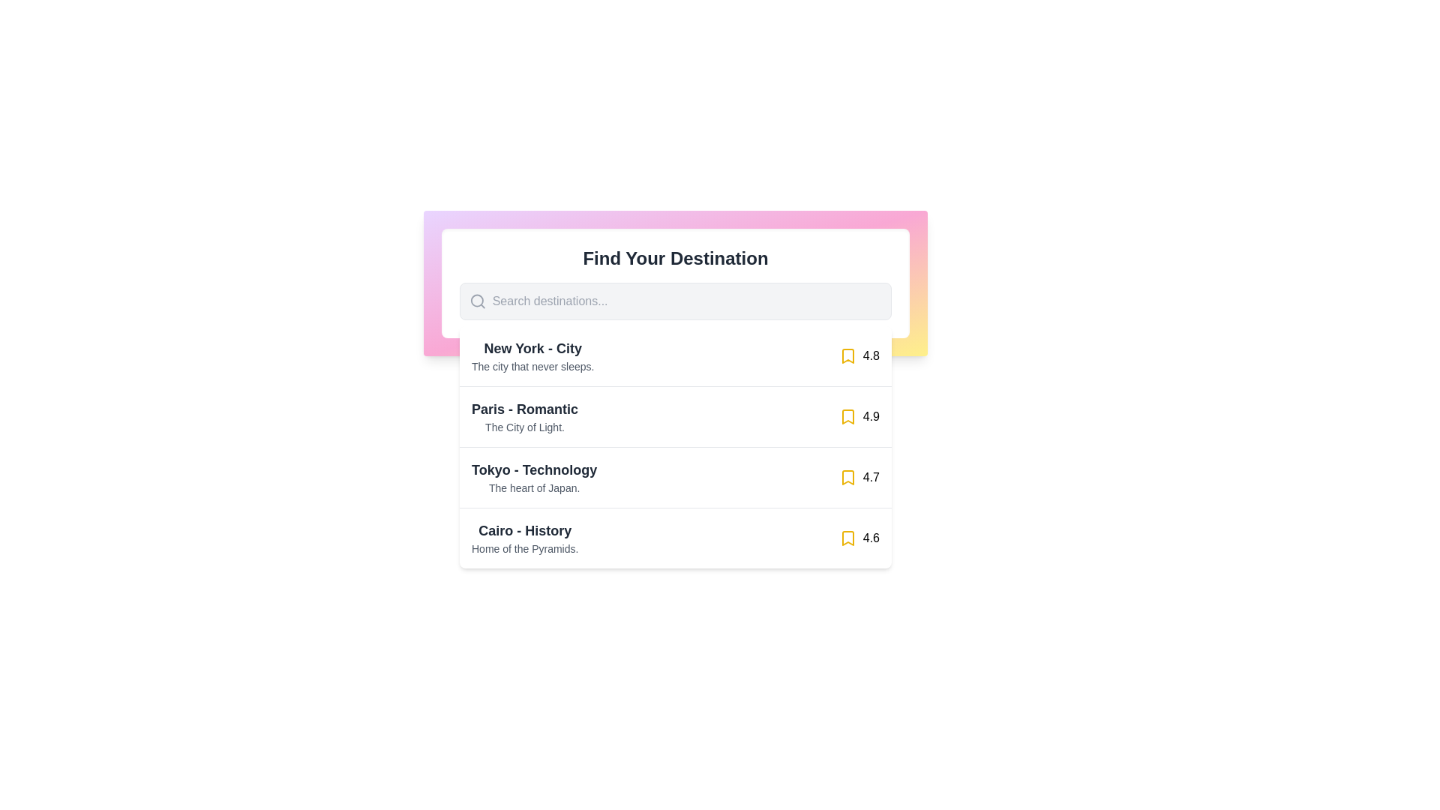  I want to click on text label that serves as the headline for 'Cairo - History', which is located directly above 'Home of the Pyramids' in the list of destination entries, so click(525, 530).